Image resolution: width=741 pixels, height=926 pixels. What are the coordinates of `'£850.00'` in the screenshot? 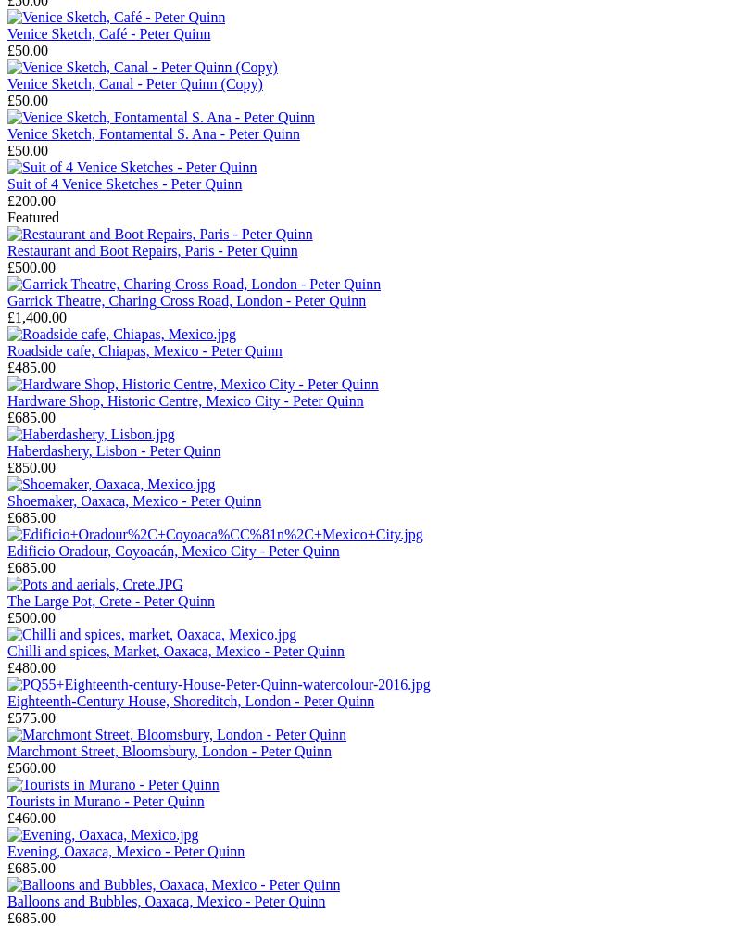 It's located at (7, 466).